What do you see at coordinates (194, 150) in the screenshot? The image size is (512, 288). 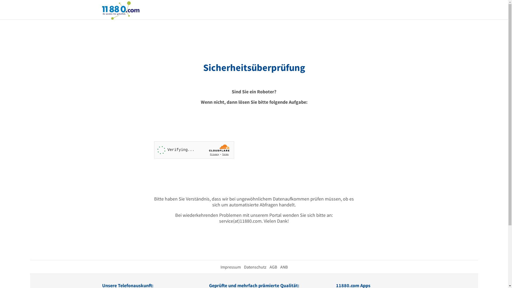 I see `'Widget containing a Cloudflare security challenge'` at bounding box center [194, 150].